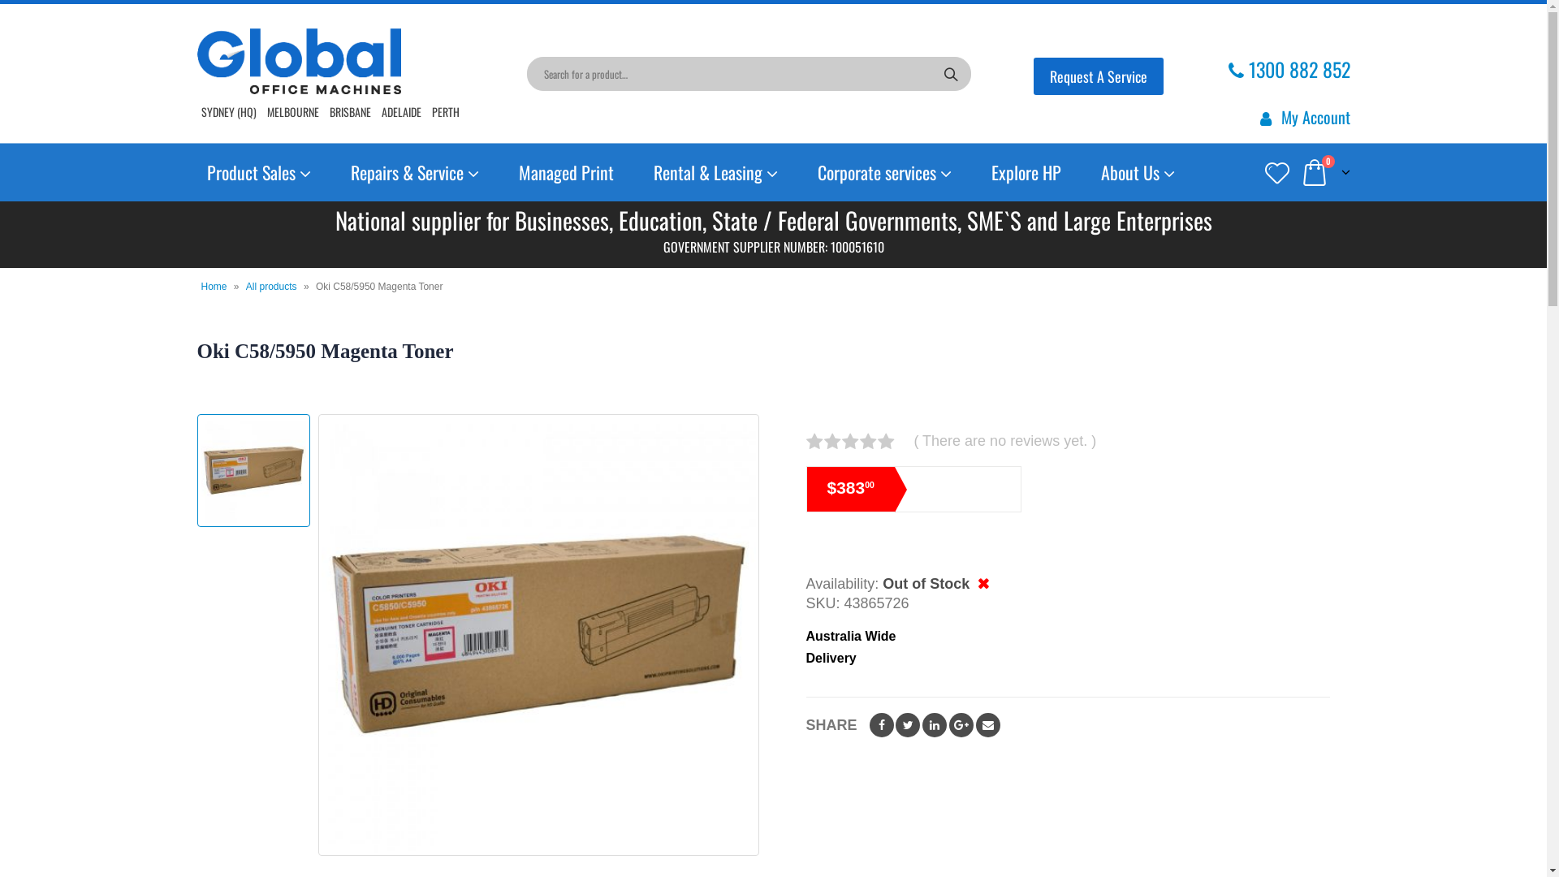 The height and width of the screenshot is (877, 1559). Describe the element at coordinates (913, 441) in the screenshot. I see `'( There are no reviews yet. )'` at that location.